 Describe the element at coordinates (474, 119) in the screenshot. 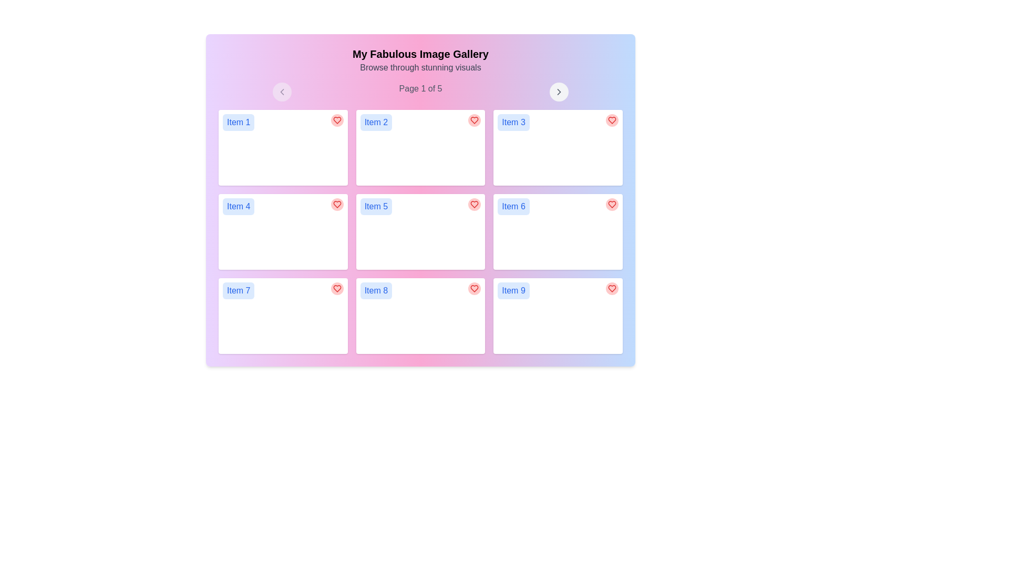

I see `the heart icon button located in the second position of a grid layout to mark the corresponding item as a favorite` at that location.